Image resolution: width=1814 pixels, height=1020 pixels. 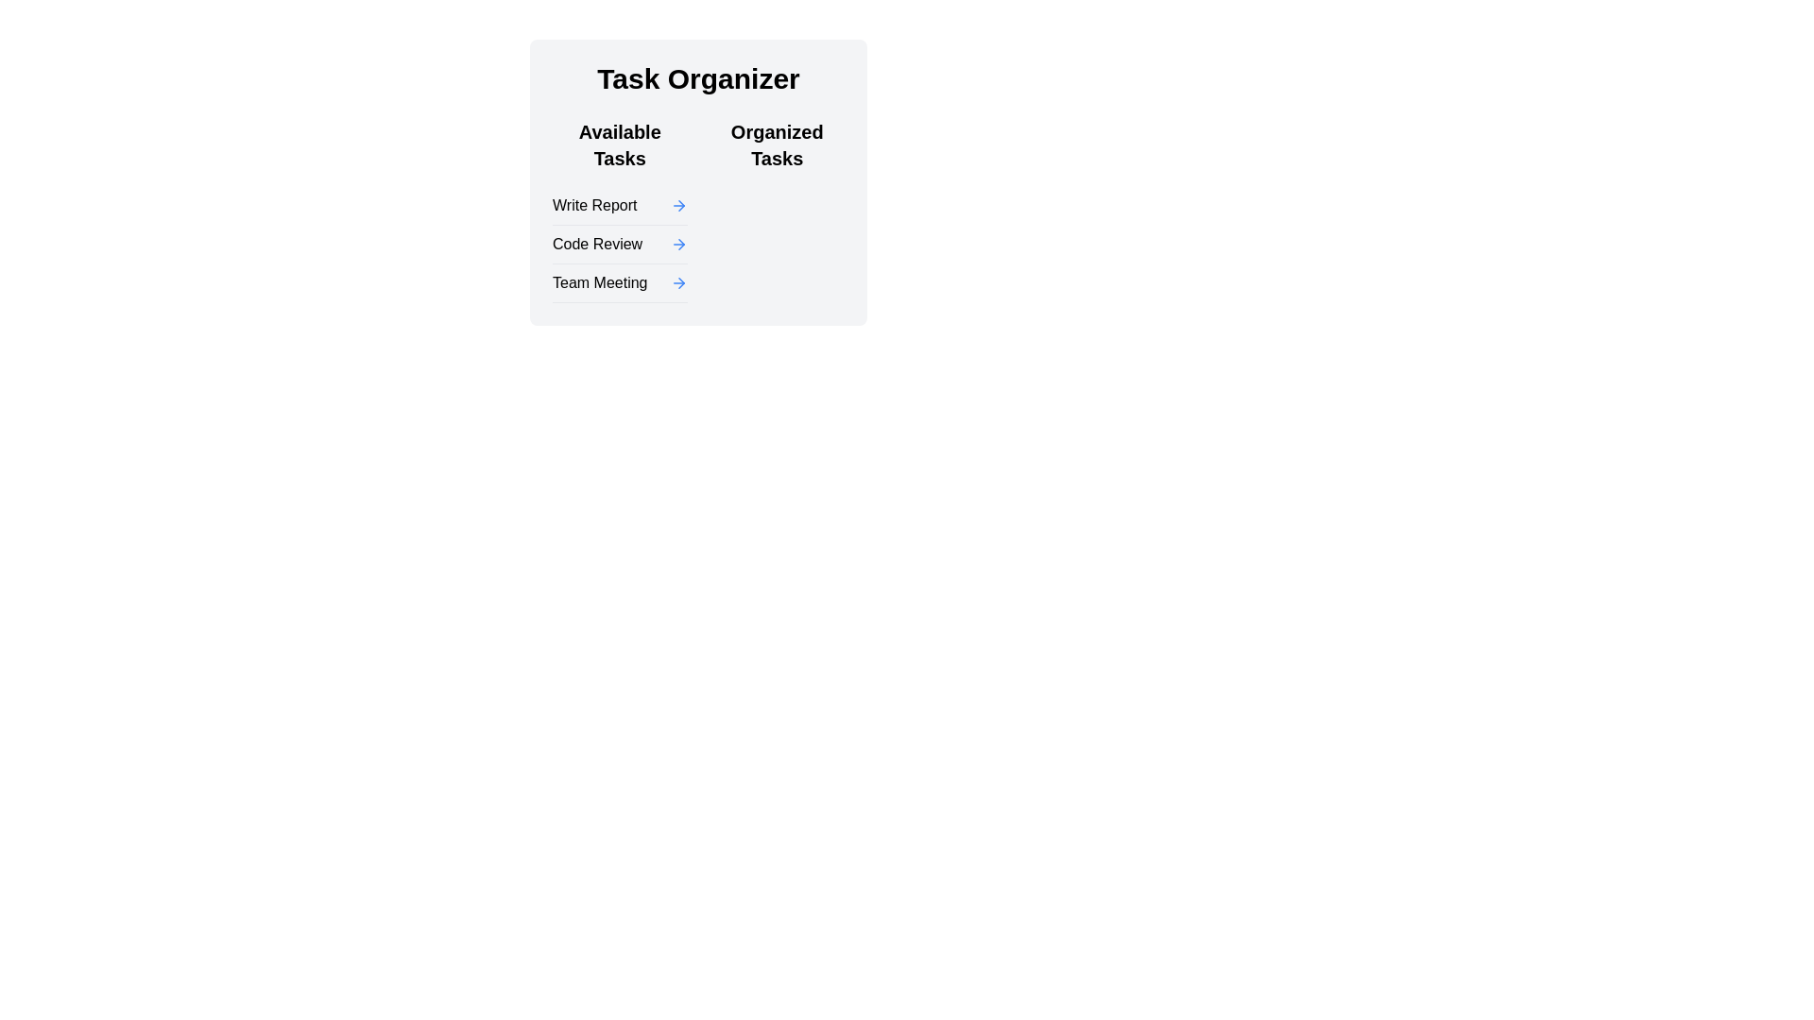 What do you see at coordinates (680, 283) in the screenshot?
I see `the rightward arrowhead icon located to the right of the 'Code Review' text in the 'Available Tasks' section of the 'Task Organizer' interface` at bounding box center [680, 283].